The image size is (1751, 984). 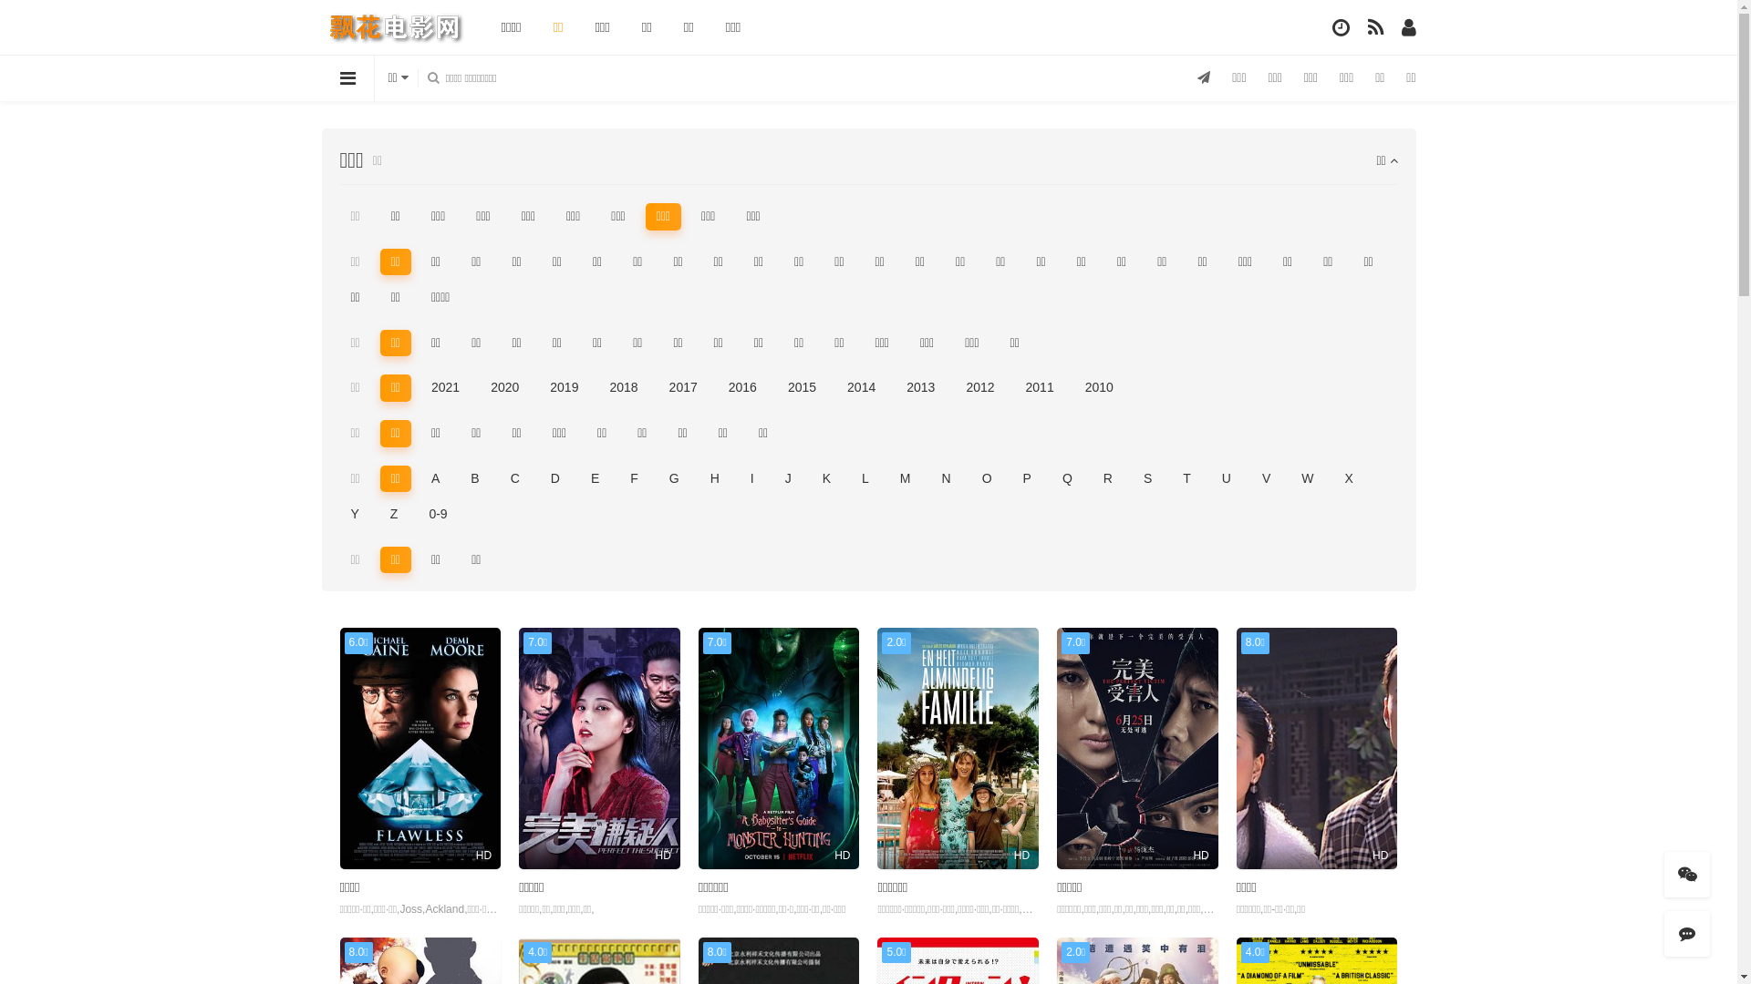 What do you see at coordinates (595, 477) in the screenshot?
I see `'E'` at bounding box center [595, 477].